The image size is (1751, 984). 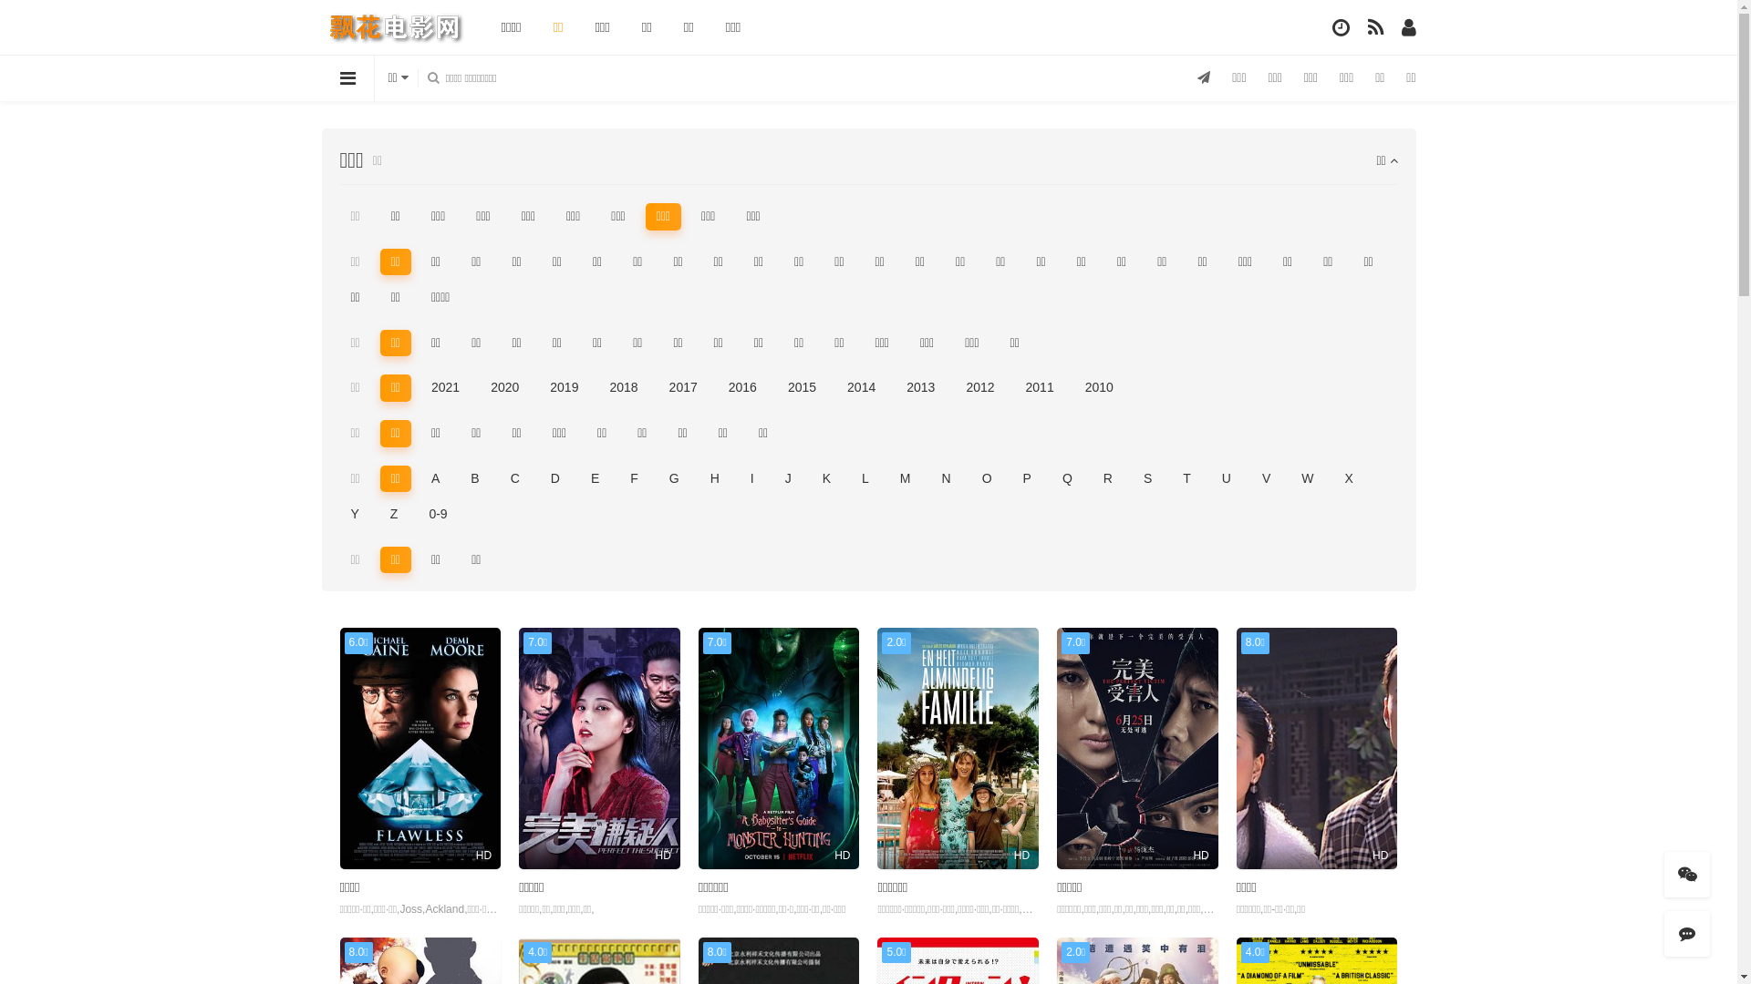 What do you see at coordinates (595, 477) in the screenshot?
I see `'E'` at bounding box center [595, 477].